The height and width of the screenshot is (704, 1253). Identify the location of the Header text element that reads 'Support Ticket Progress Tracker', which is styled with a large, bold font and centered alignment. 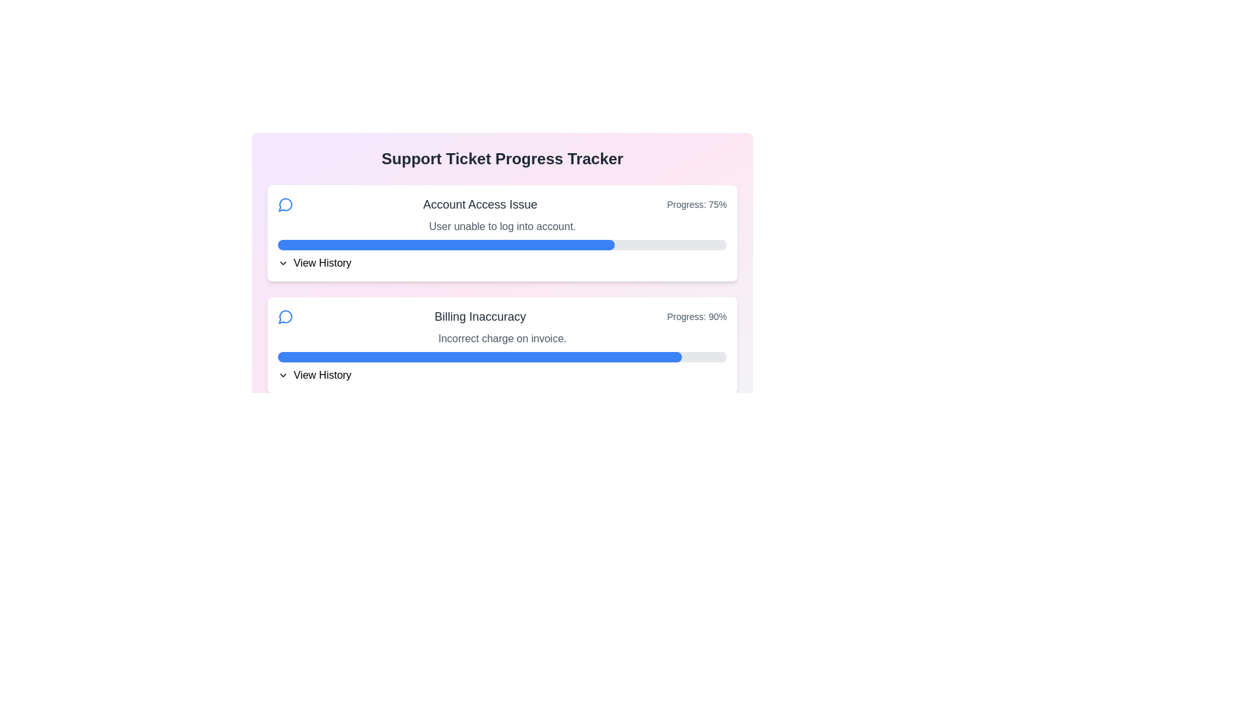
(501, 158).